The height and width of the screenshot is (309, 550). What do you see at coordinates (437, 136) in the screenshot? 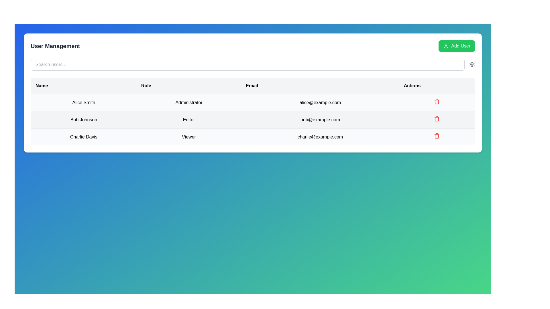
I see `the bottommost red trash bin icon in the Actions column of the user information table to initiate a delete action` at bounding box center [437, 136].